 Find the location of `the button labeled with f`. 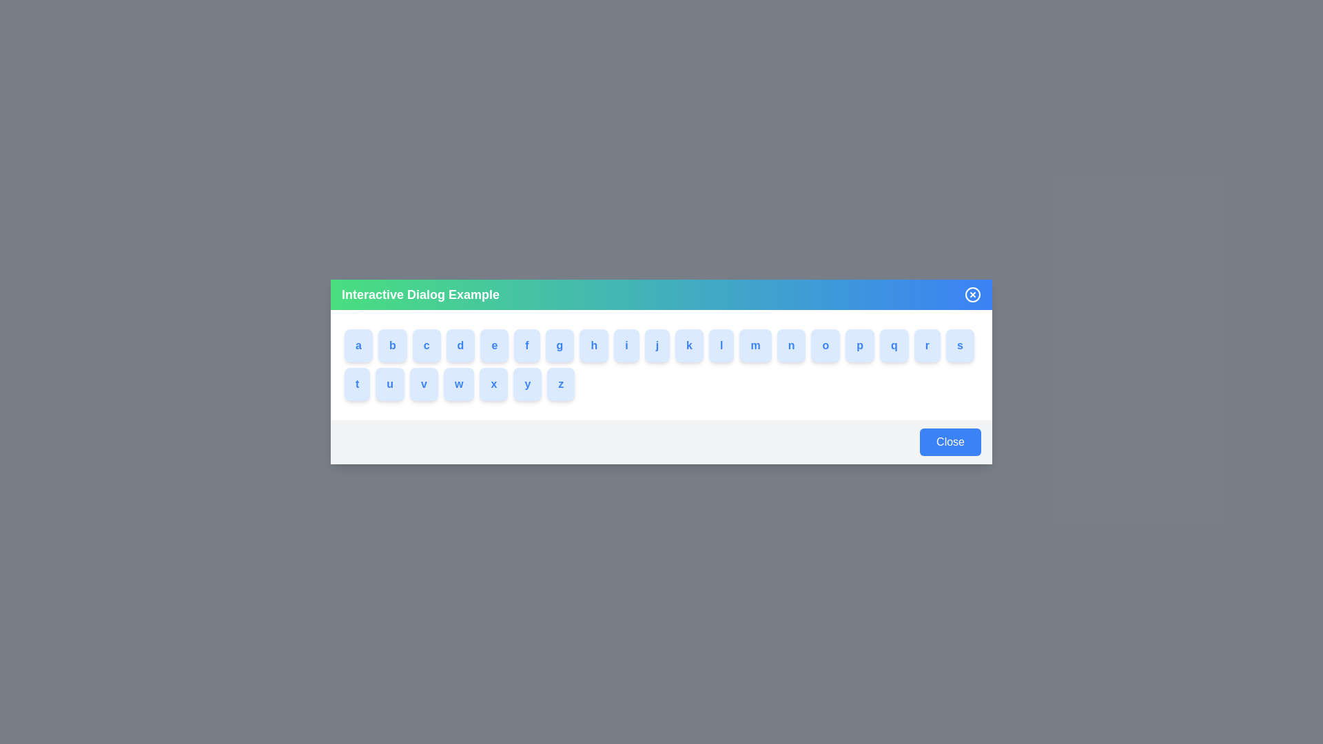

the button labeled with f is located at coordinates (529, 344).